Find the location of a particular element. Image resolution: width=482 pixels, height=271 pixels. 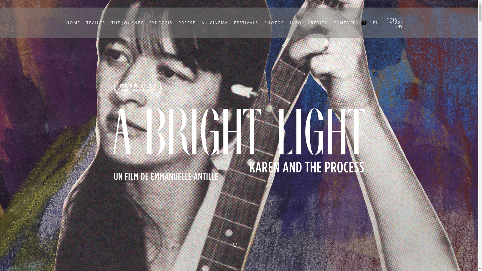

'PHOTOS' is located at coordinates (274, 22).